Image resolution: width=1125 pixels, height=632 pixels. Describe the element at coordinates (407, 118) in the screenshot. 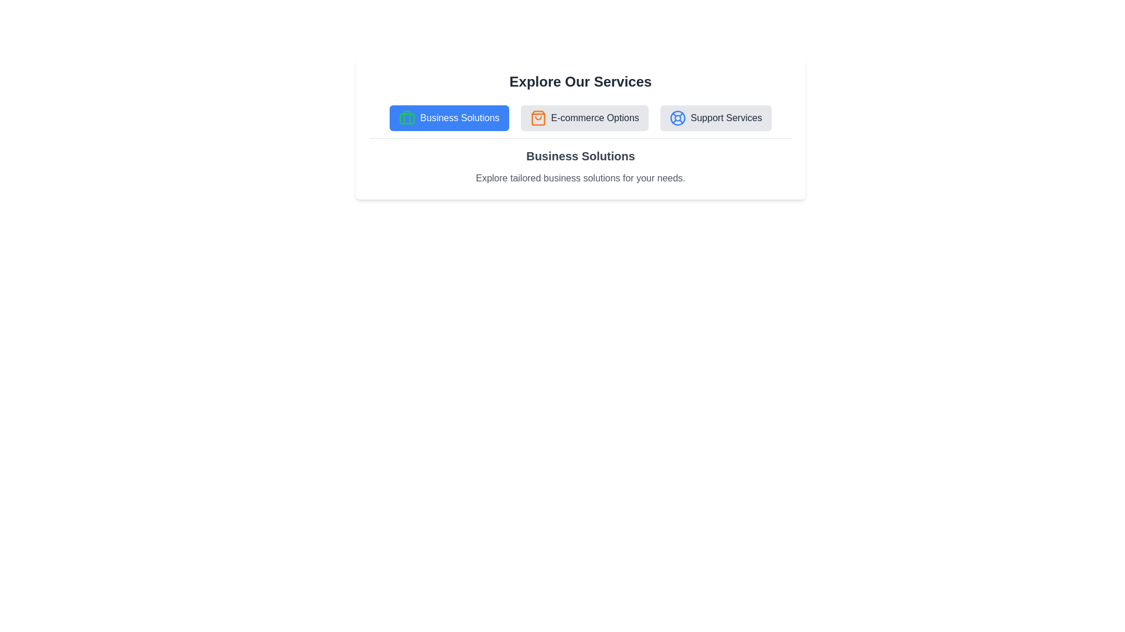

I see `the icon associated with the tab Business Solutions` at that location.